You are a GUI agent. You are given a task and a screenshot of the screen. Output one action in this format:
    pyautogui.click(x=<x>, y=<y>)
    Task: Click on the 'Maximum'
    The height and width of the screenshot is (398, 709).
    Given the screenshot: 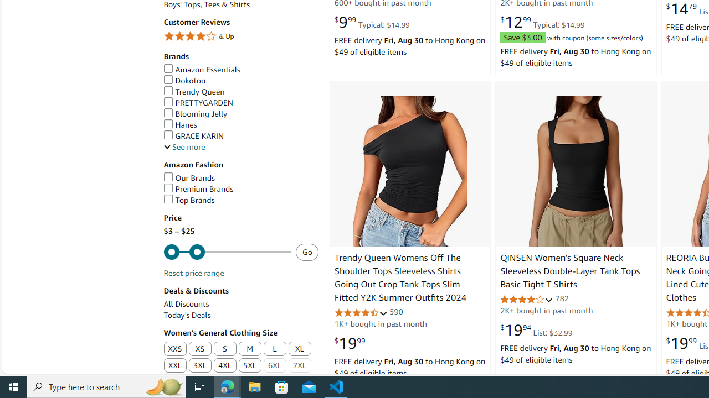 What is the action you would take?
    pyautogui.click(x=227, y=252)
    